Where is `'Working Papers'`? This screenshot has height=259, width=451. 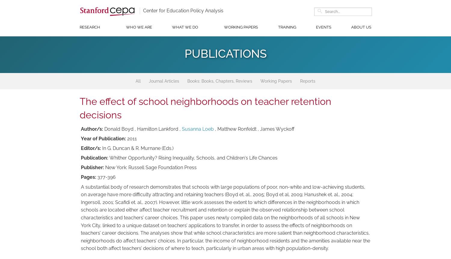
'Working Papers' is located at coordinates (260, 81).